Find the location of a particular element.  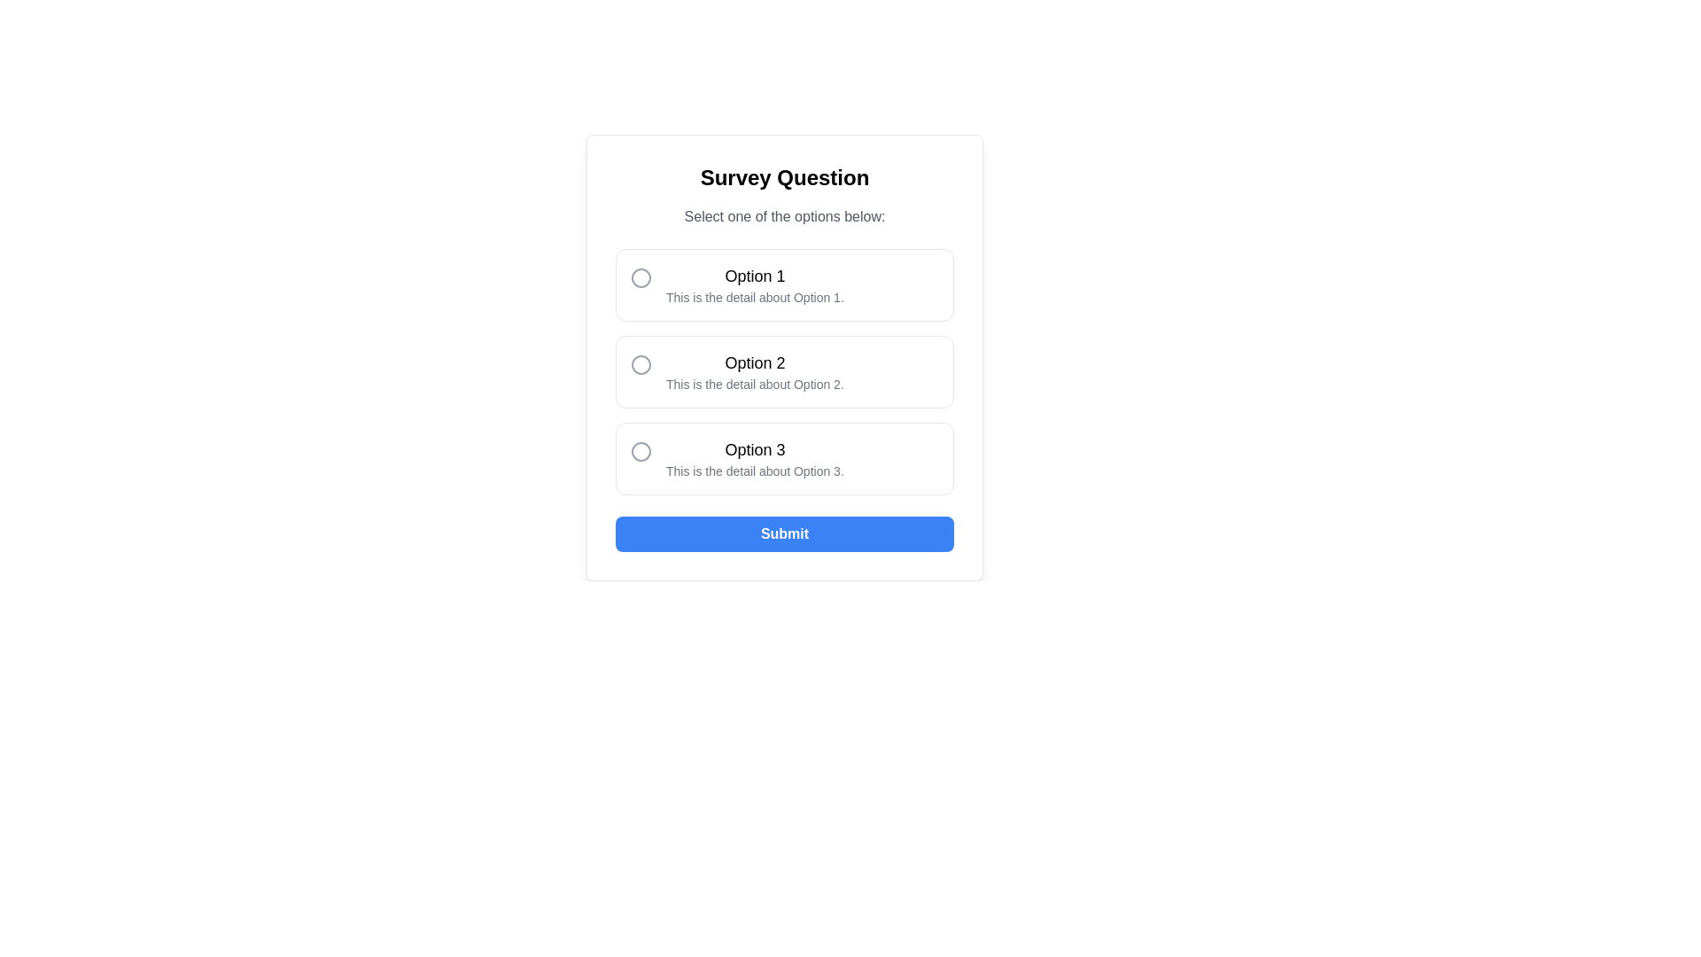

the text label that reads 'This is the detail about Option 2.' which is located below the heading for Option 2 in the survey options list is located at coordinates (755, 384).